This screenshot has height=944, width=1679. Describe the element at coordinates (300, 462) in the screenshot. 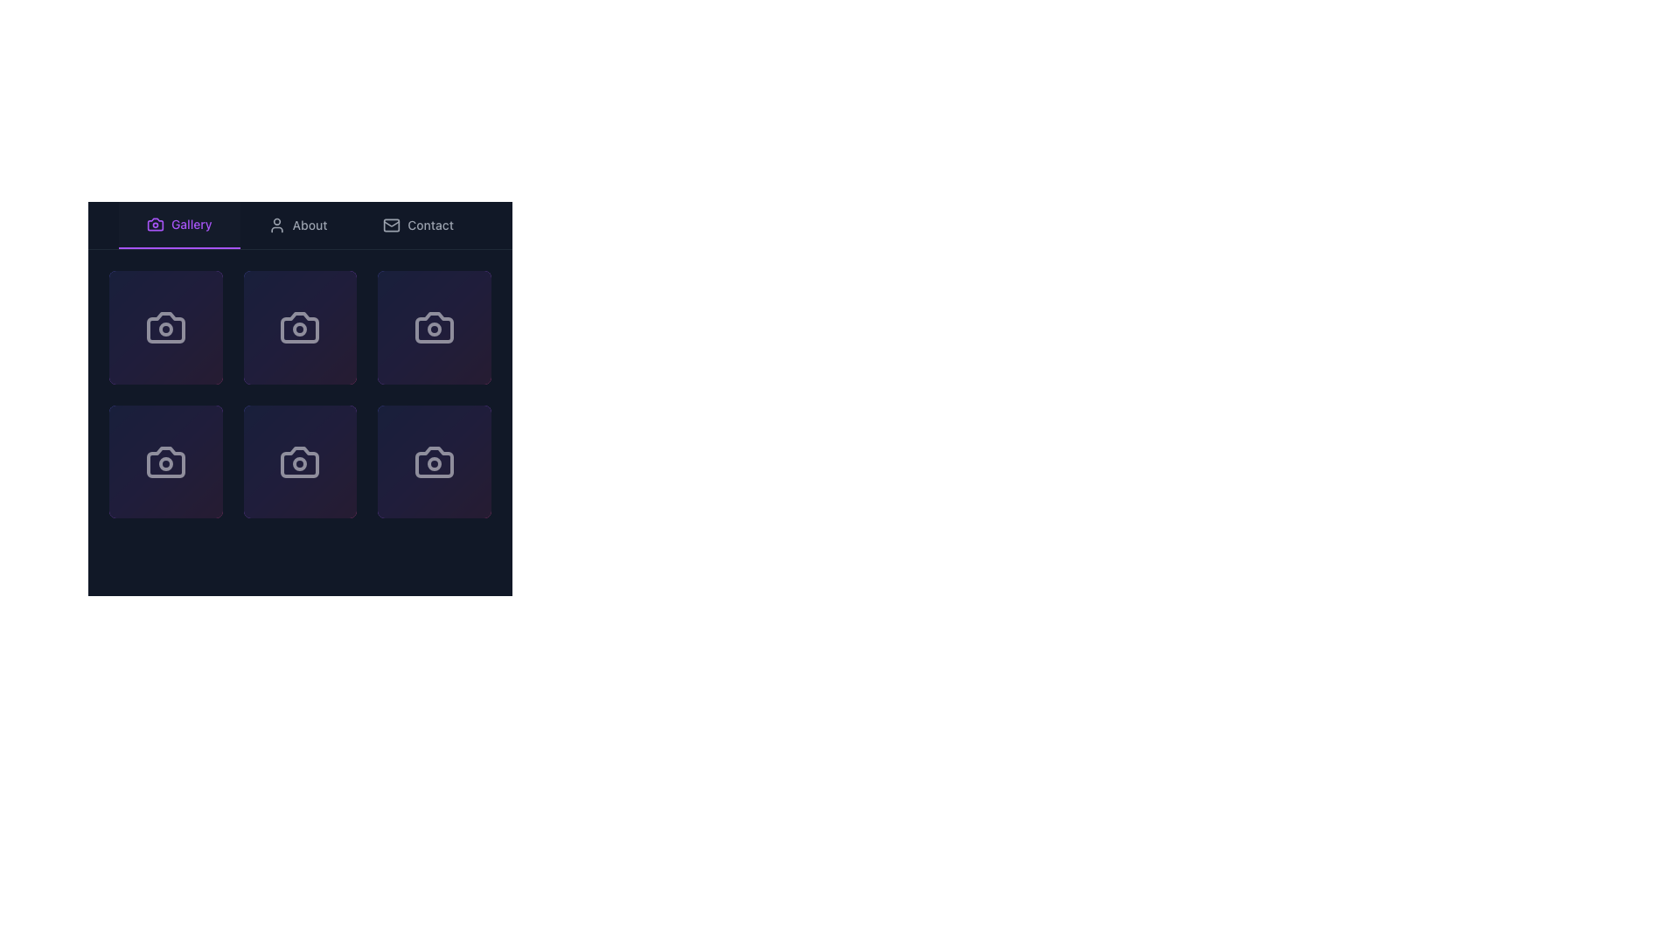

I see `the small circular graphic detail at the center of the camera icon, which is part of a 3x2 grid of icons` at that location.